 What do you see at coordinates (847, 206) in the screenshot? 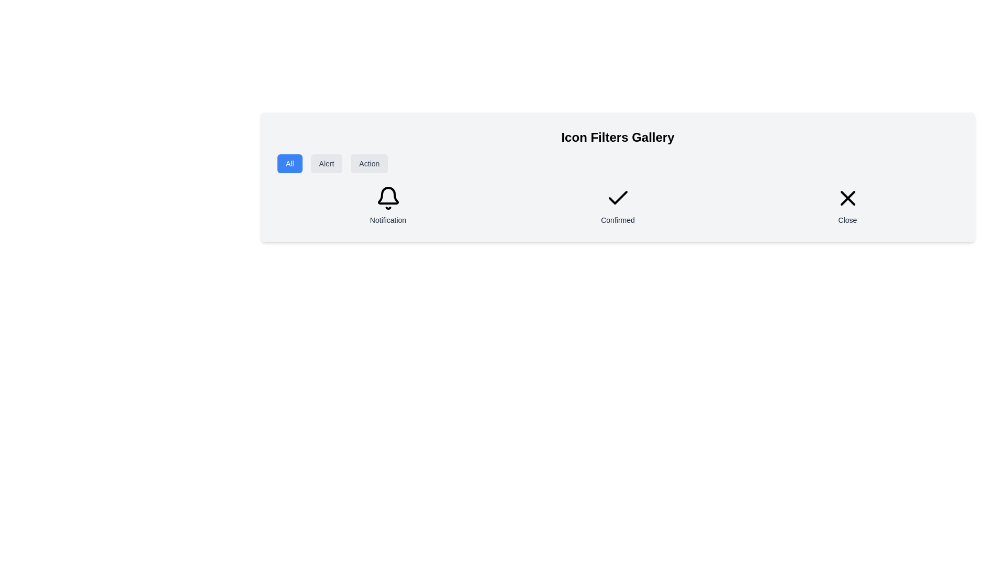
I see `the 'Close' button which features an 'X' icon above the label` at bounding box center [847, 206].